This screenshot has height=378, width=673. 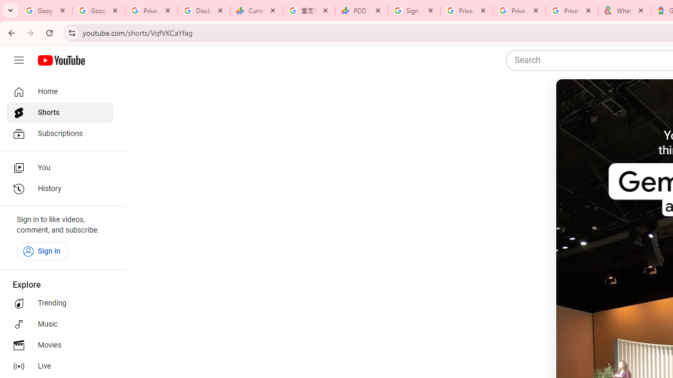 What do you see at coordinates (572, 10) in the screenshot?
I see `'Privacy Checkup'` at bounding box center [572, 10].